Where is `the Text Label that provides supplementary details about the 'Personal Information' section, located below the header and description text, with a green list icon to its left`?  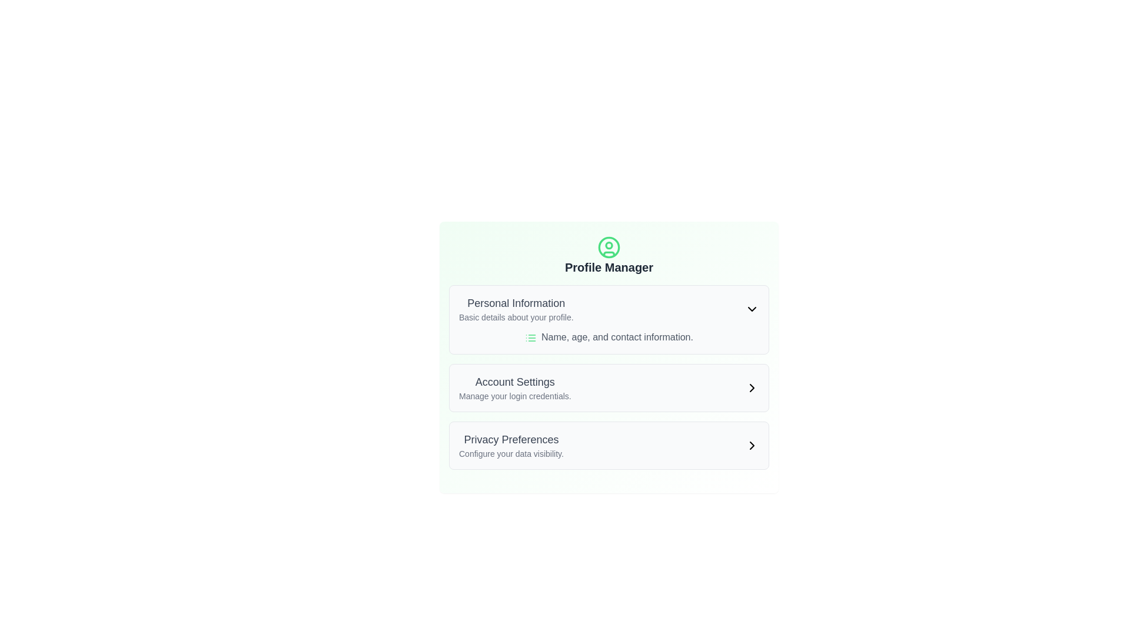 the Text Label that provides supplementary details about the 'Personal Information' section, located below the header and description text, with a green list icon to its left is located at coordinates (609, 337).